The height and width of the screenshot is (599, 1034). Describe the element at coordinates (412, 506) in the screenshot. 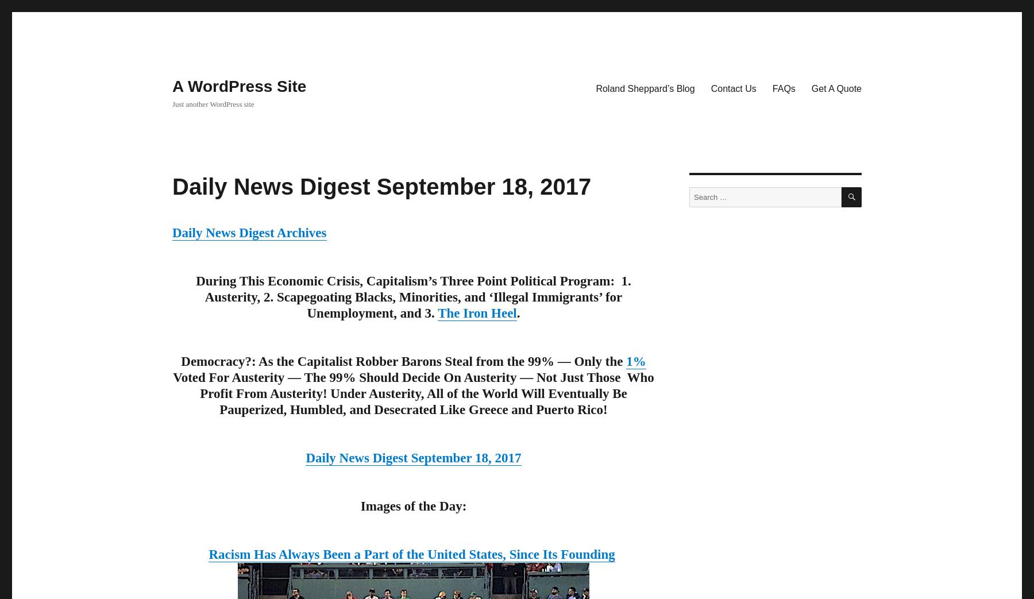

I see `'Images of the Day:'` at that location.